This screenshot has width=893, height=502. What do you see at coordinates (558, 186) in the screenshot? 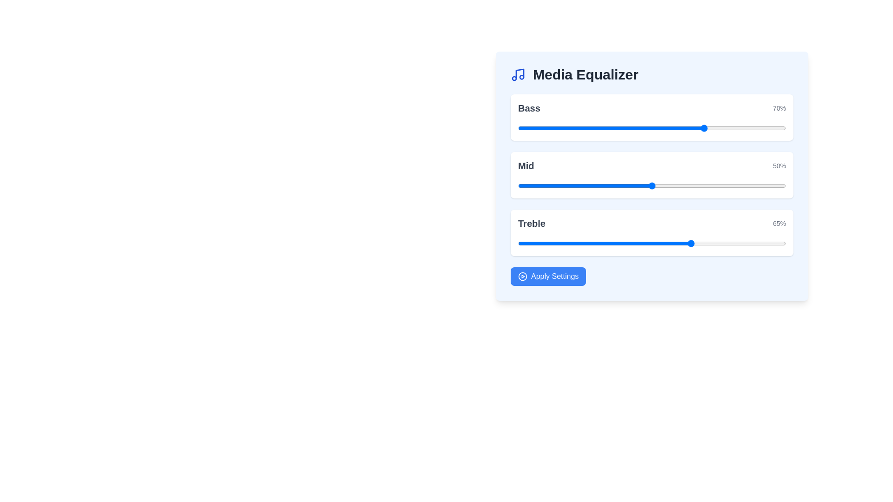
I see `the slider` at bounding box center [558, 186].